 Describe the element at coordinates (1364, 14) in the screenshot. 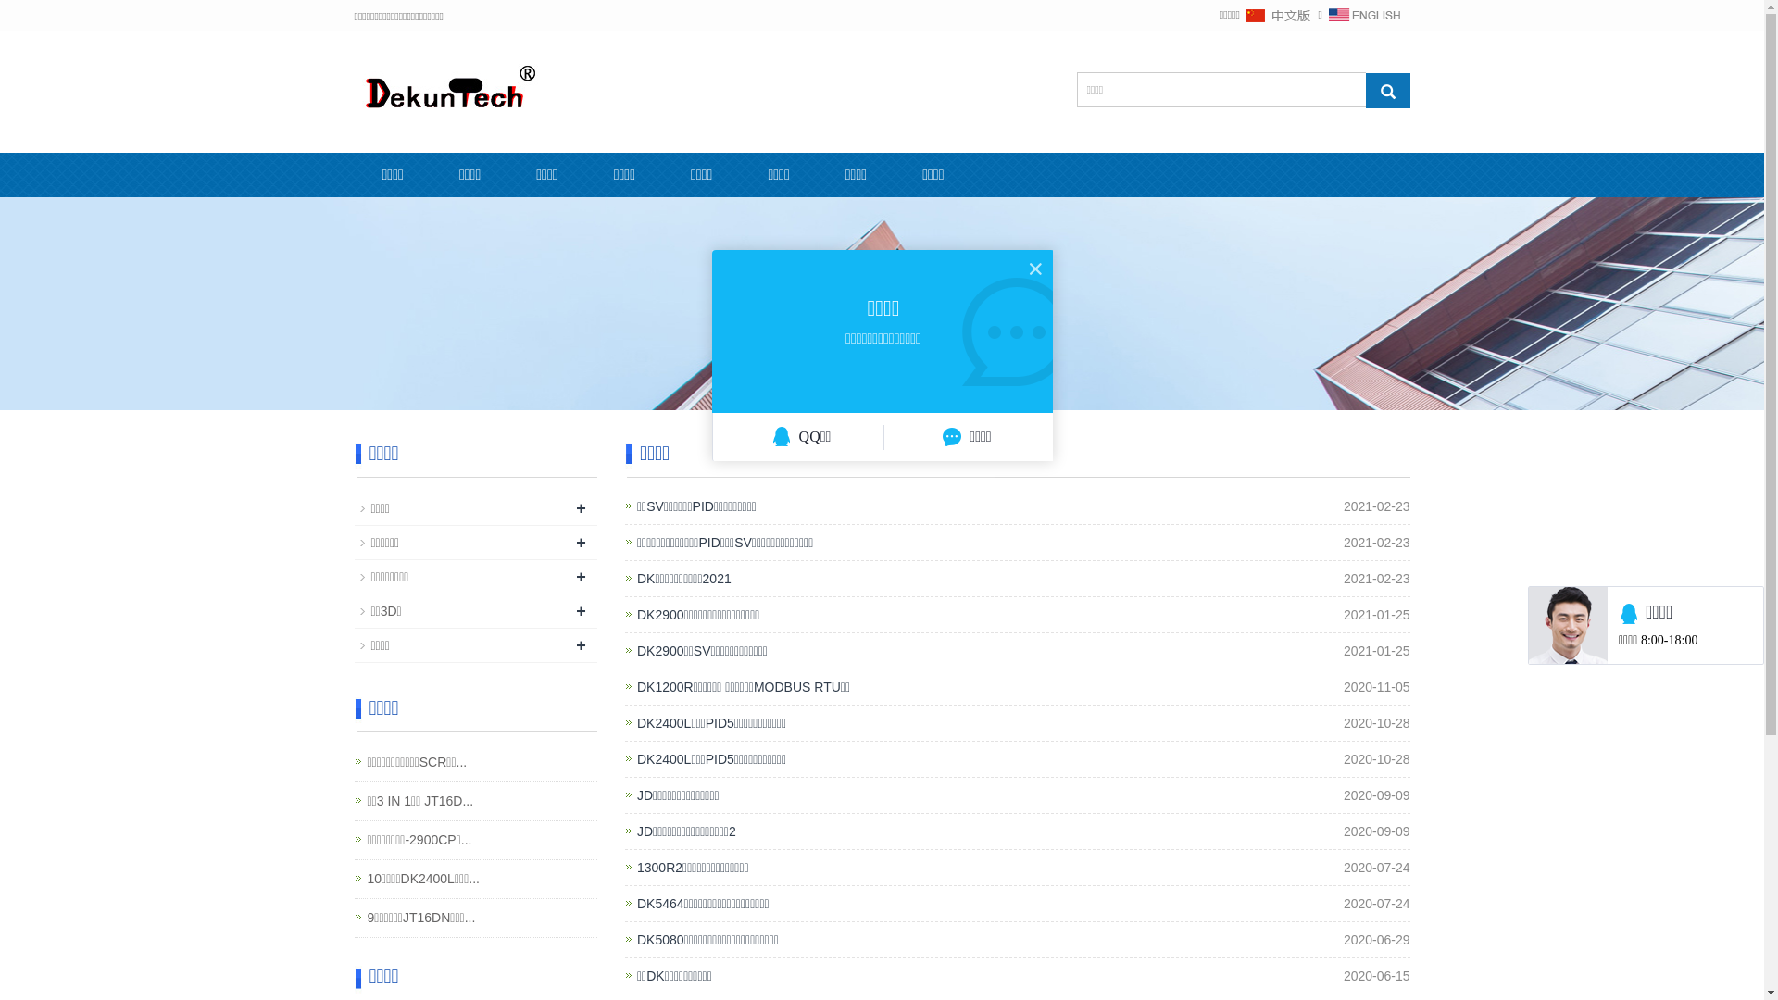

I see `'English'` at that location.